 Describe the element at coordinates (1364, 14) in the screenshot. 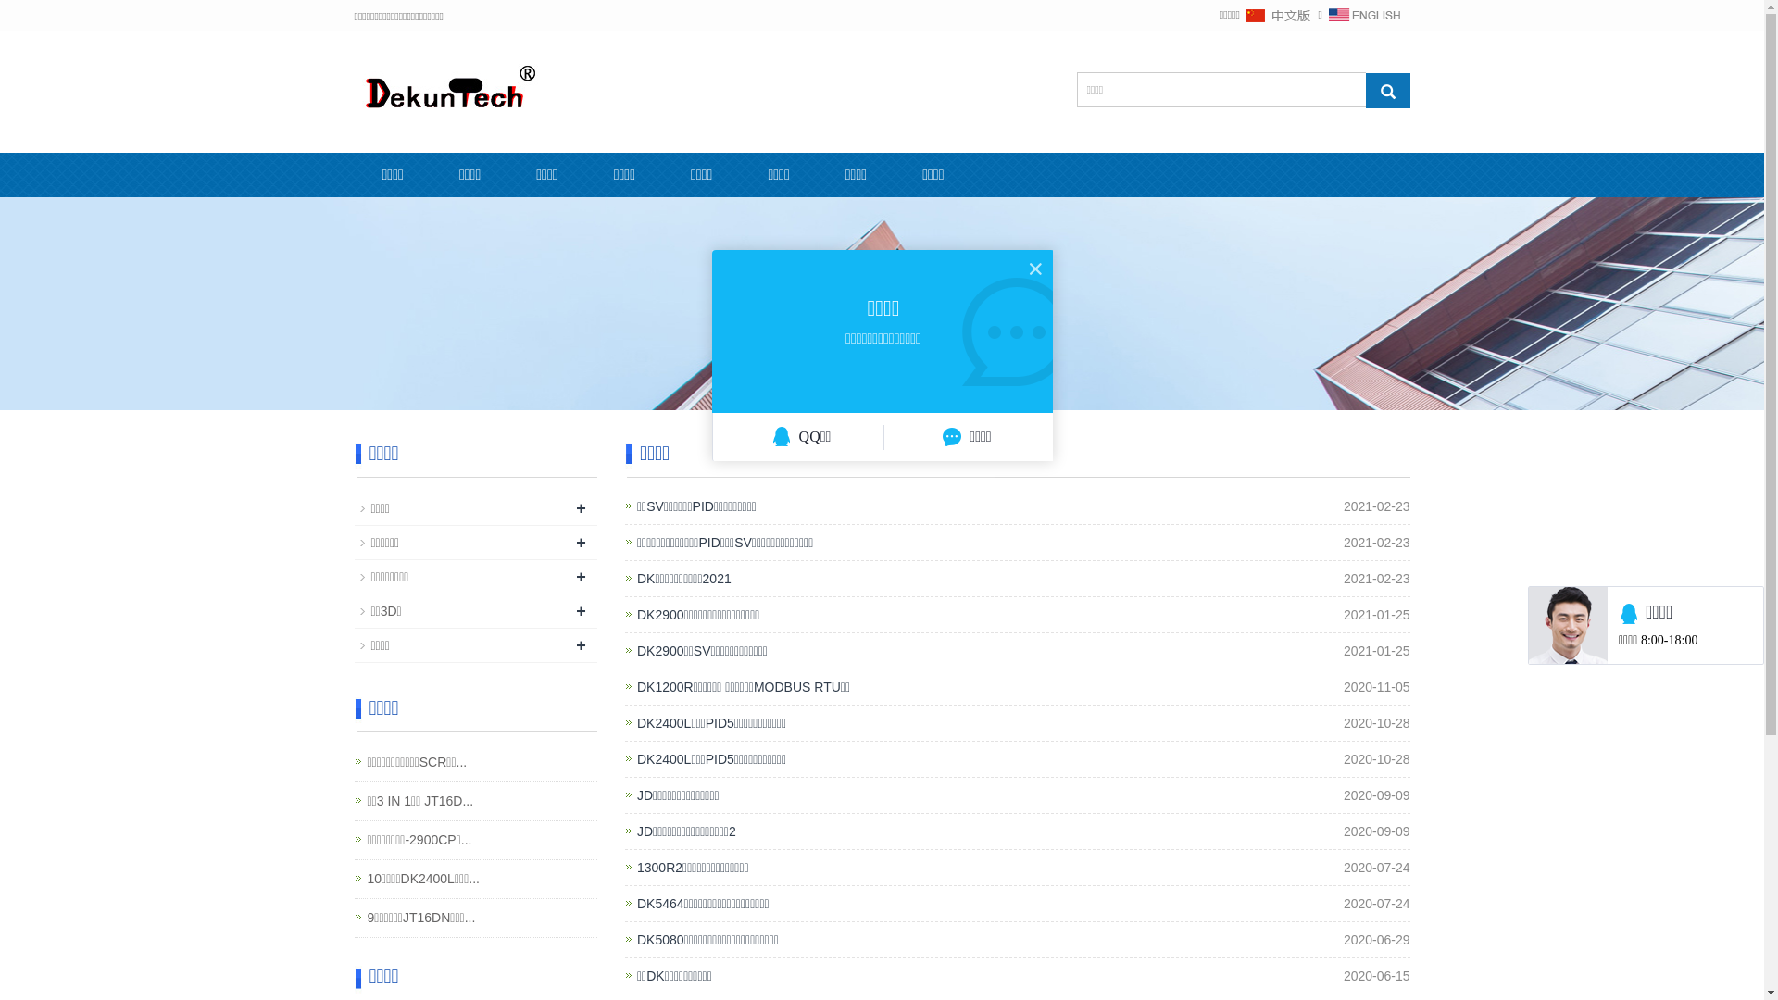

I see `'English'` at that location.